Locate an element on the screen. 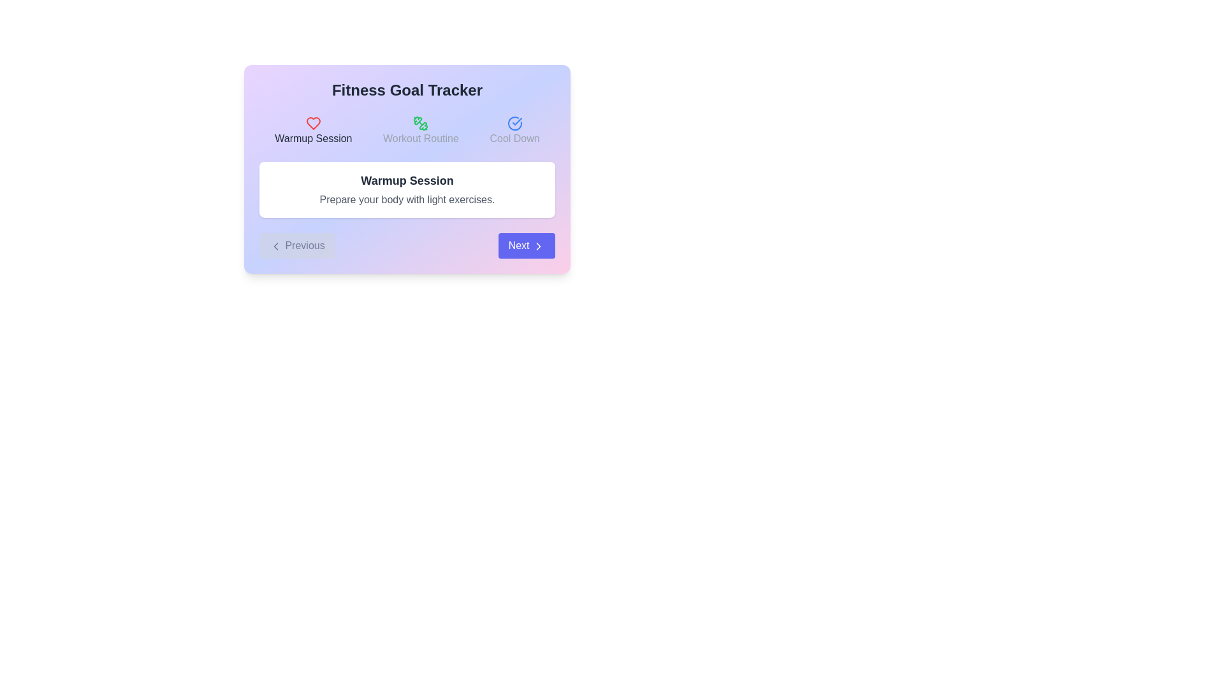  the label with an icon that reads 'Warmup Session', located in the top-left portion of the 'Fitness Goal Tracker' card is located at coordinates (313, 131).